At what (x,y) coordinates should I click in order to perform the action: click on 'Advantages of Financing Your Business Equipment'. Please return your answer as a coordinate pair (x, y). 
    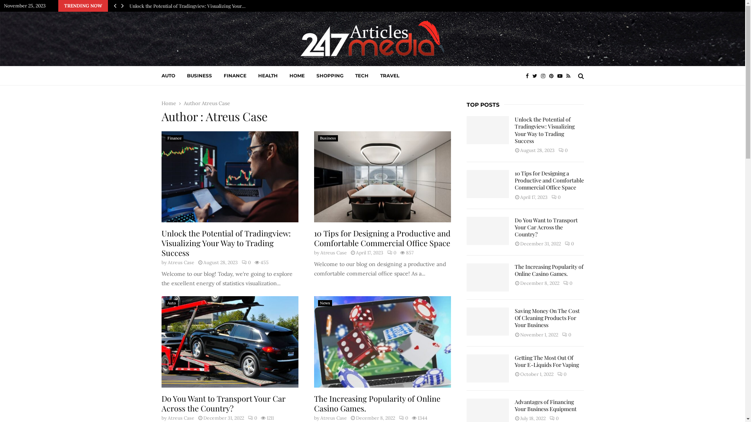
    Looking at the image, I should click on (545, 405).